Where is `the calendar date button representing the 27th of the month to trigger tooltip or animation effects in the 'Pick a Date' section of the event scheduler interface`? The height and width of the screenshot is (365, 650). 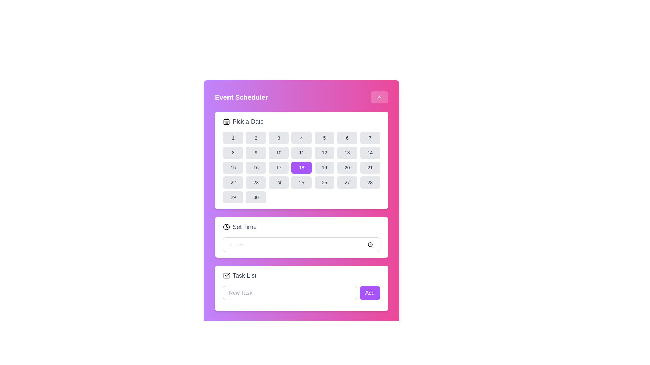 the calendar date button representing the 27th of the month to trigger tooltip or animation effects in the 'Pick a Date' section of the event scheduler interface is located at coordinates (347, 182).